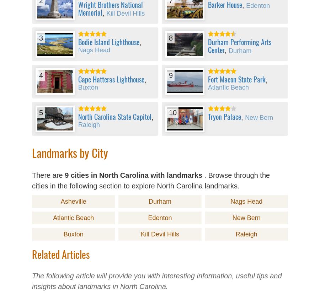 This screenshot has height=294, width=320. I want to click on 'The following article will provide you with interesting information, useful tips and insights about landmarks in North Carolina.', so click(157, 281).